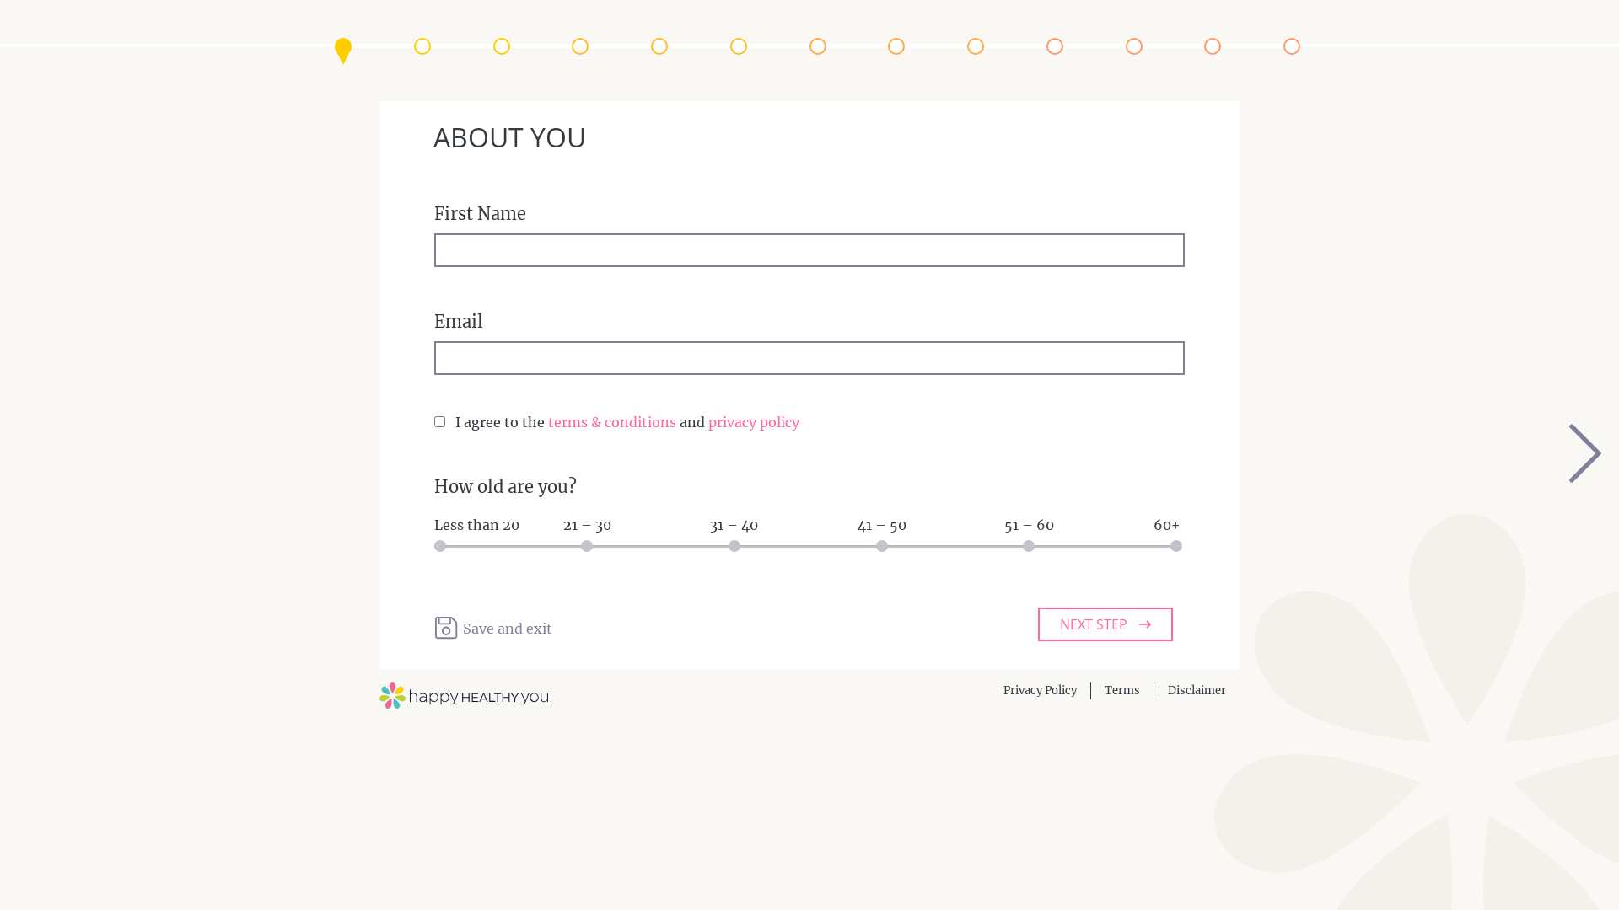 The height and width of the screenshot is (910, 1619). I want to click on 'Disclaimer', so click(1196, 691).